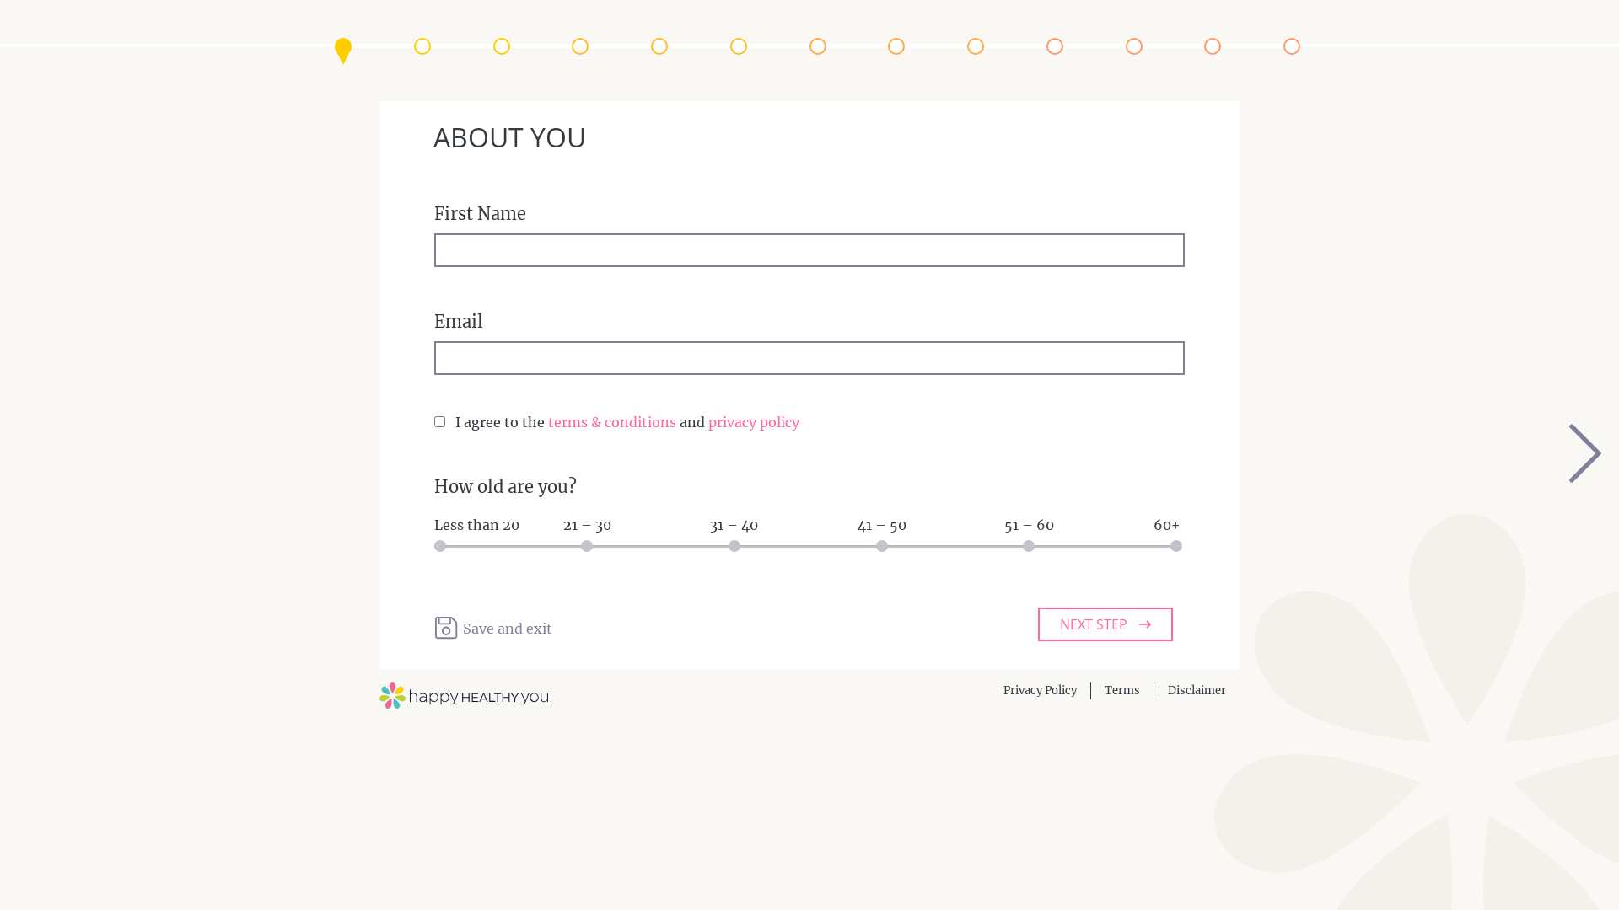 The height and width of the screenshot is (910, 1619). I want to click on 'Disclaimer', so click(1196, 691).